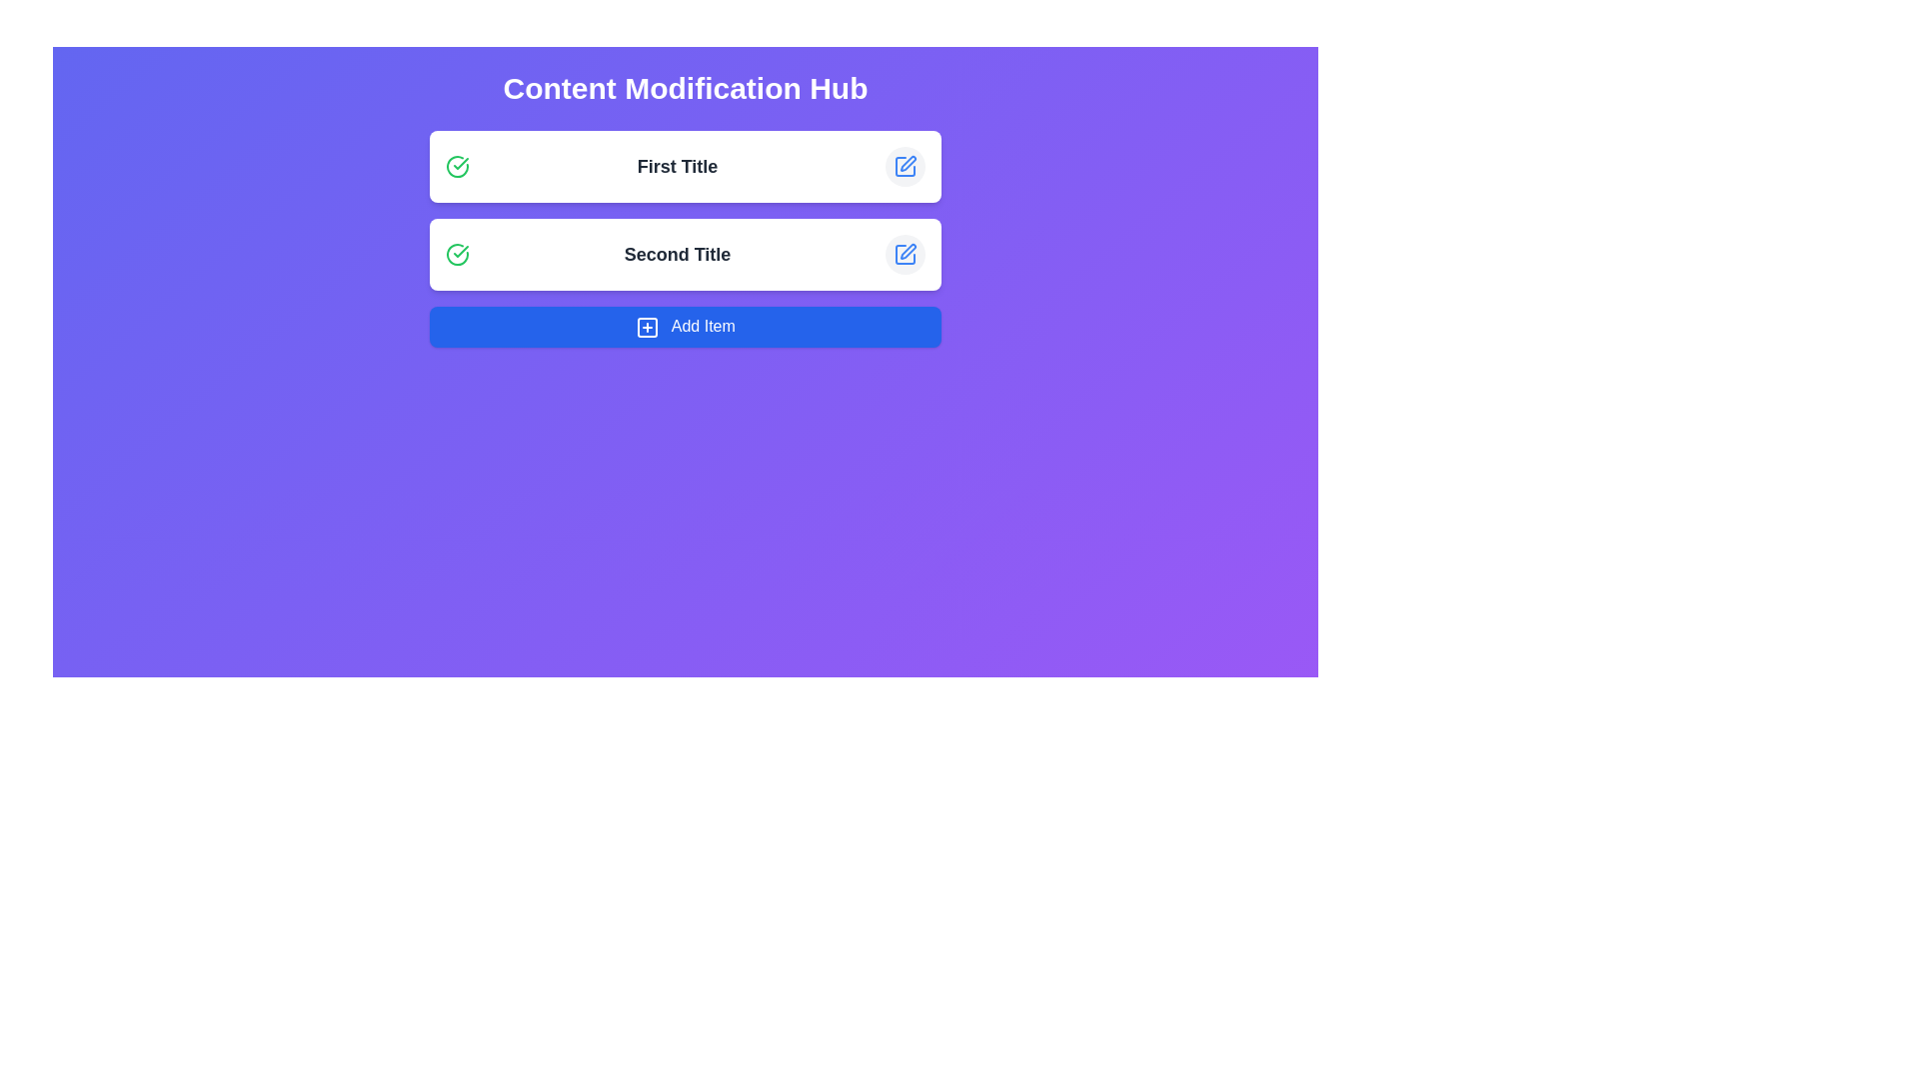  What do you see at coordinates (906, 163) in the screenshot?
I see `the interactive edit icon located on the right-hand side next to the 'First Title' label within a white card to initiate the edit action` at bounding box center [906, 163].